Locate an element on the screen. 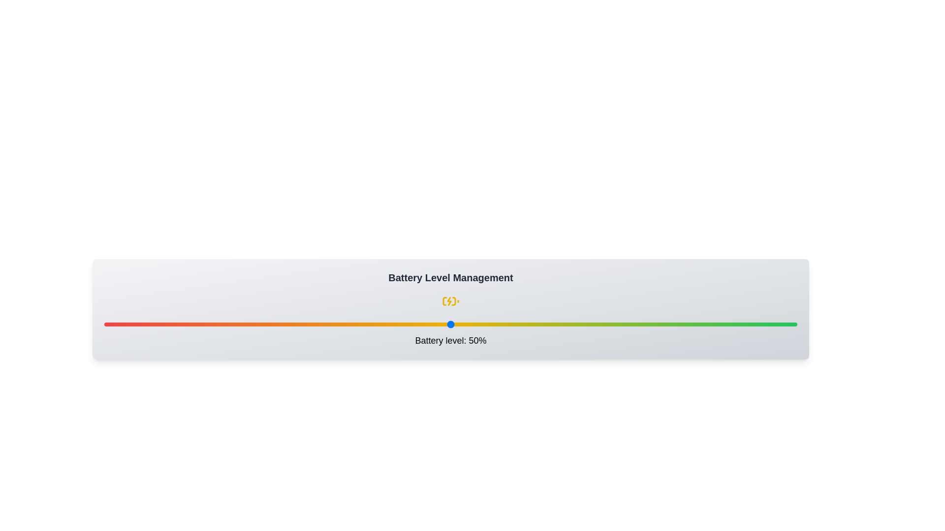 The height and width of the screenshot is (531, 945). the battery level to 64% by interacting with the slider is located at coordinates (547, 324).